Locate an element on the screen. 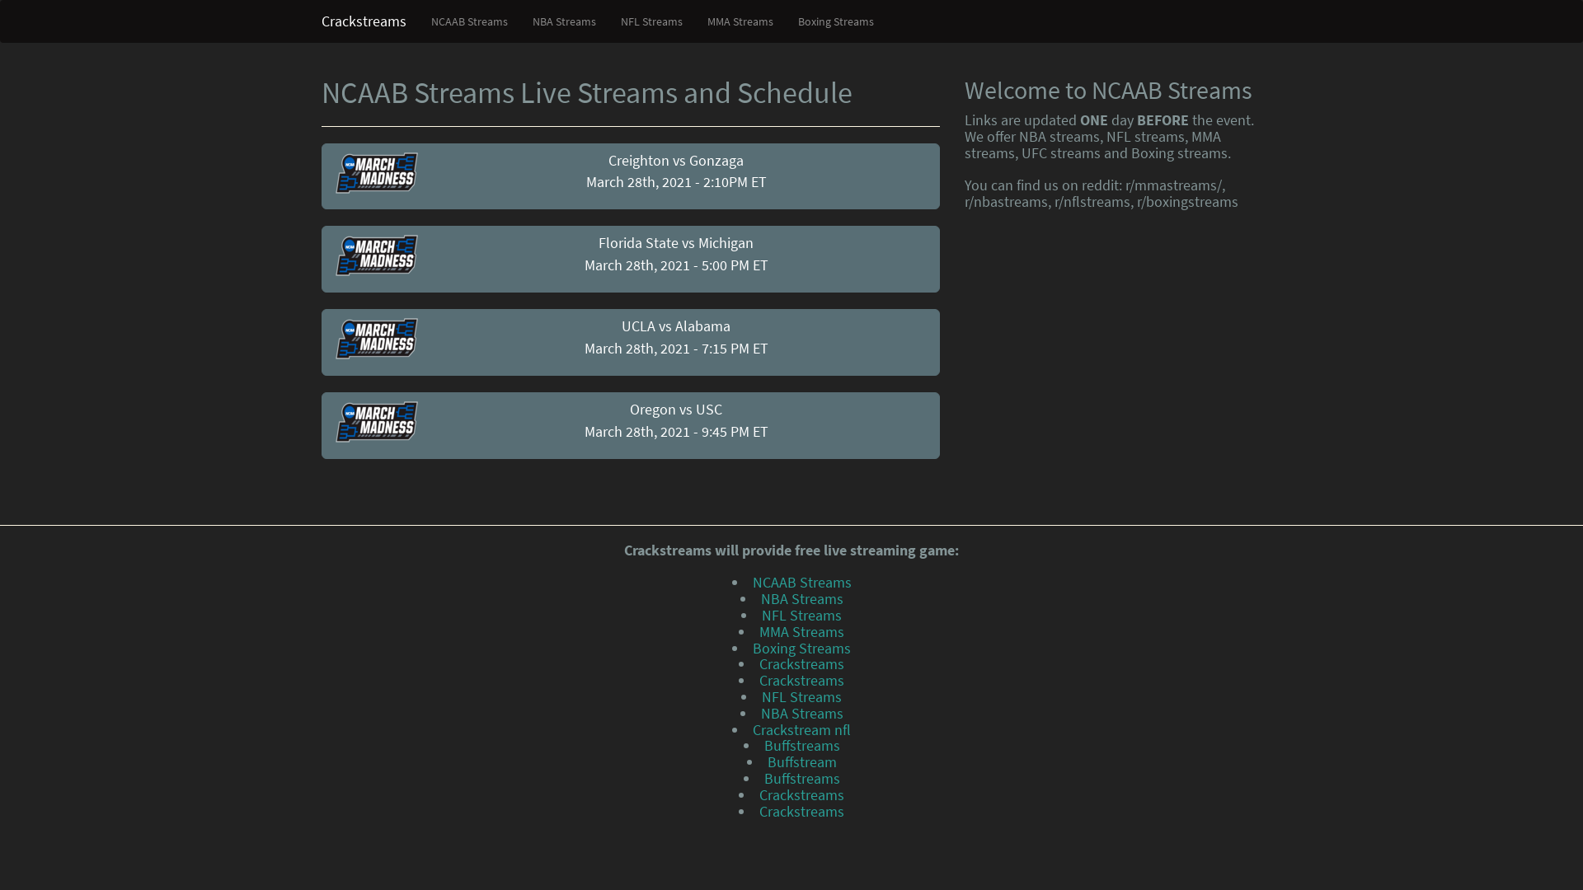 Image resolution: width=1583 pixels, height=890 pixels. 'NCAAB Streams' is located at coordinates (375, 172).